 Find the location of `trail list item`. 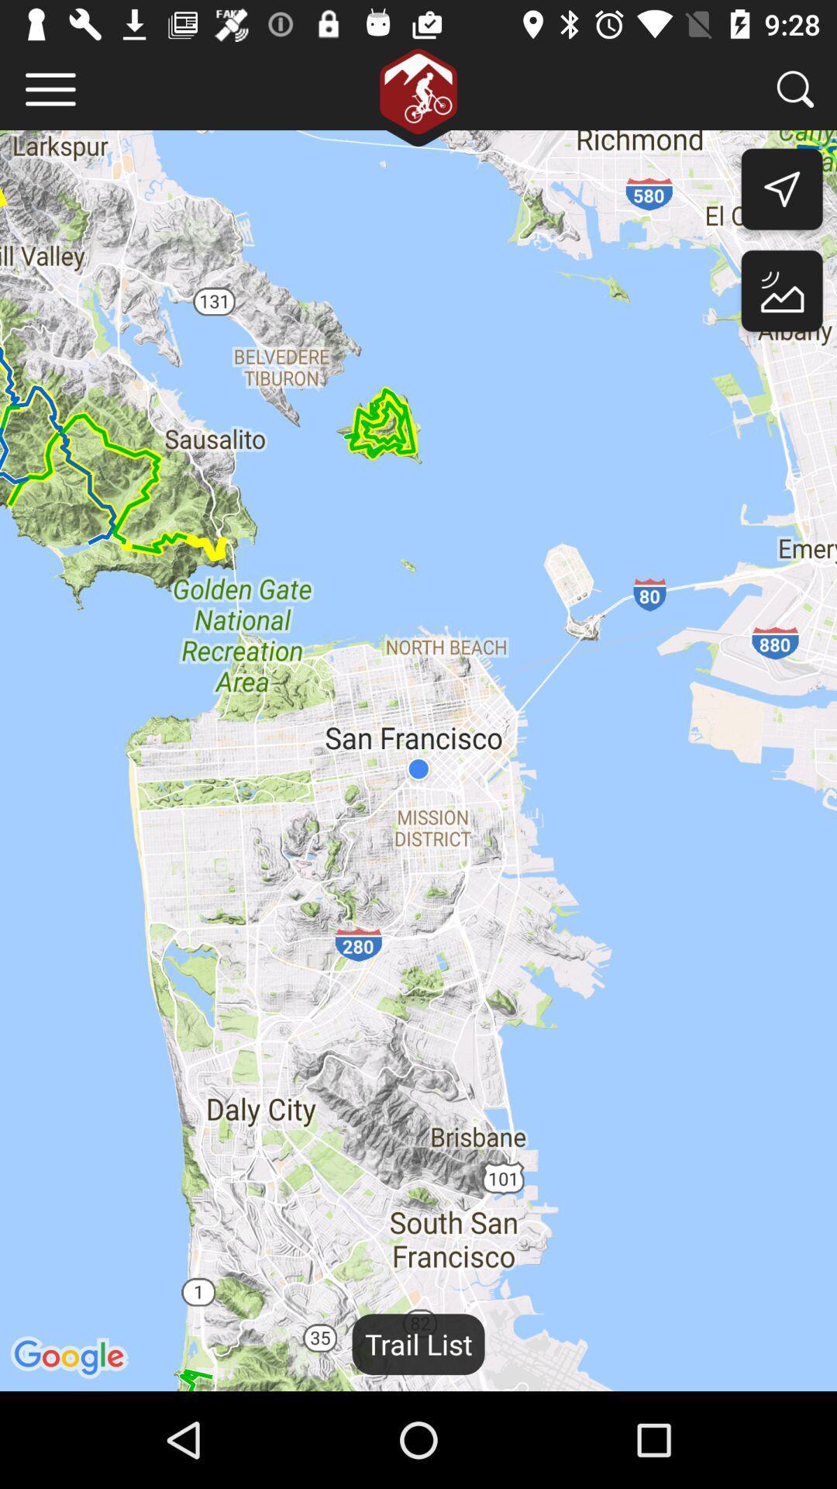

trail list item is located at coordinates (418, 1343).